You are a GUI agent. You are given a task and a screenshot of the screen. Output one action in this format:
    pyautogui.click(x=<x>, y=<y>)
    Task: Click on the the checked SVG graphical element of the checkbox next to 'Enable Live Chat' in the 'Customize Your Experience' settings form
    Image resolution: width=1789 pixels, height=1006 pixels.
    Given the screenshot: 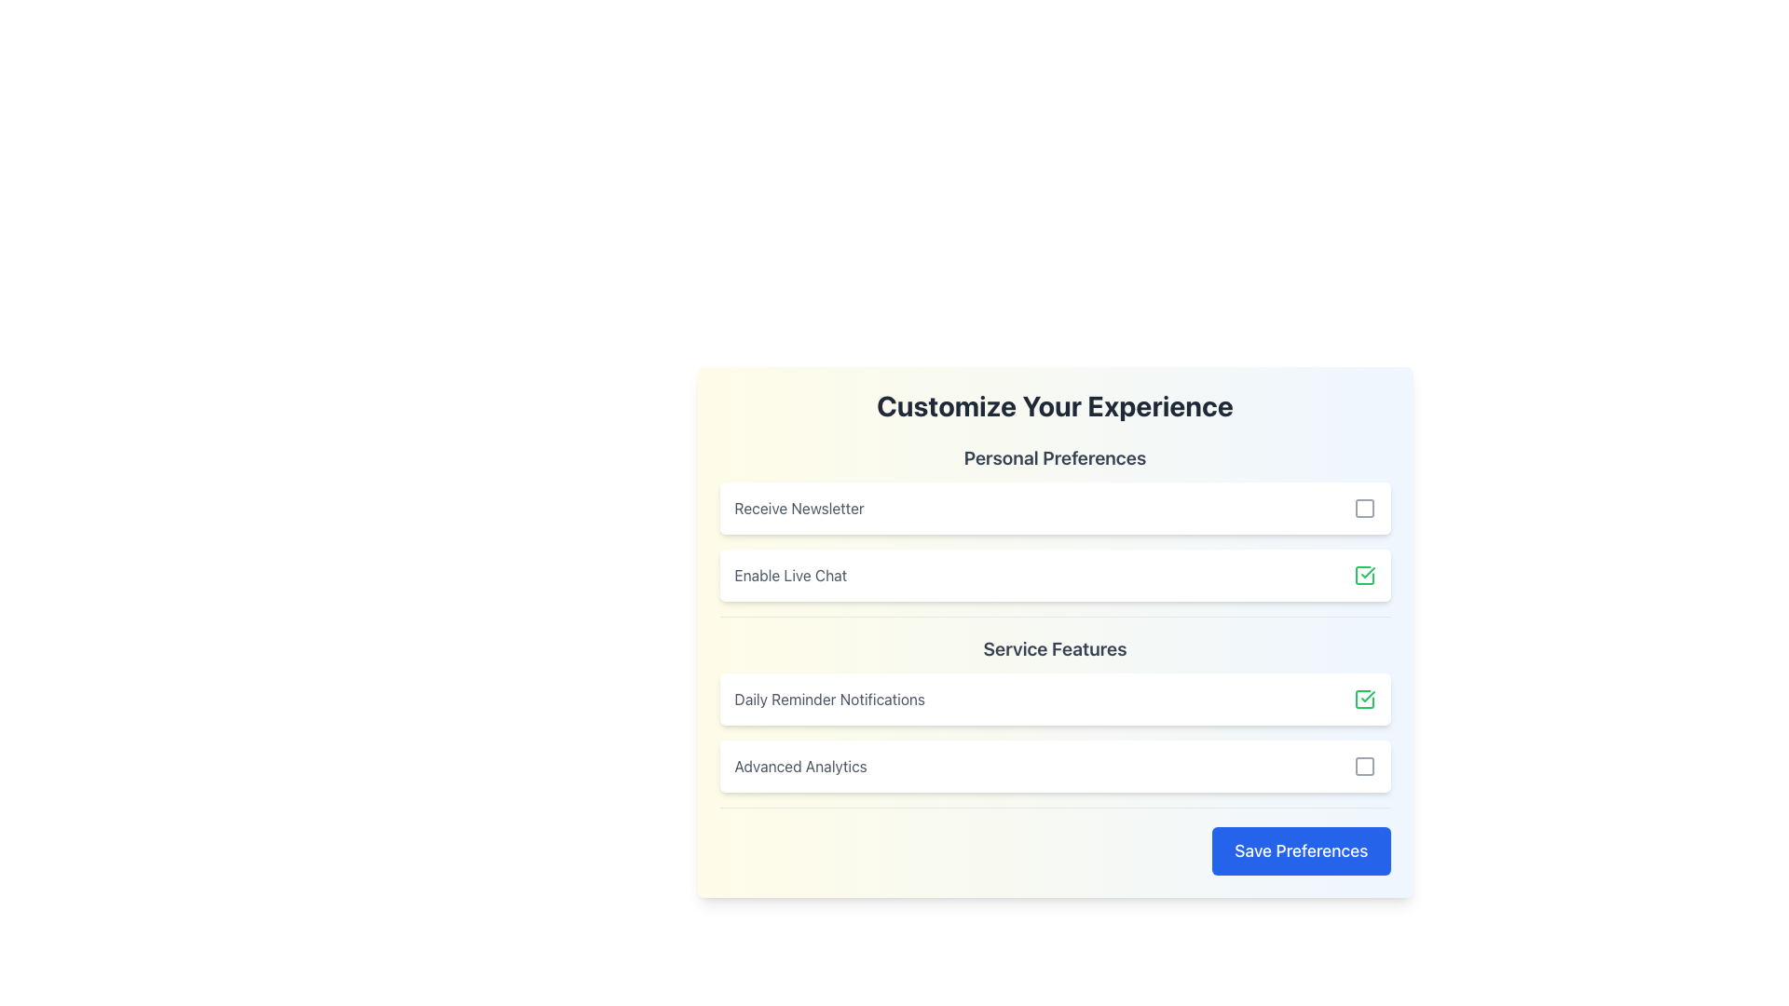 What is the action you would take?
    pyautogui.click(x=1364, y=574)
    